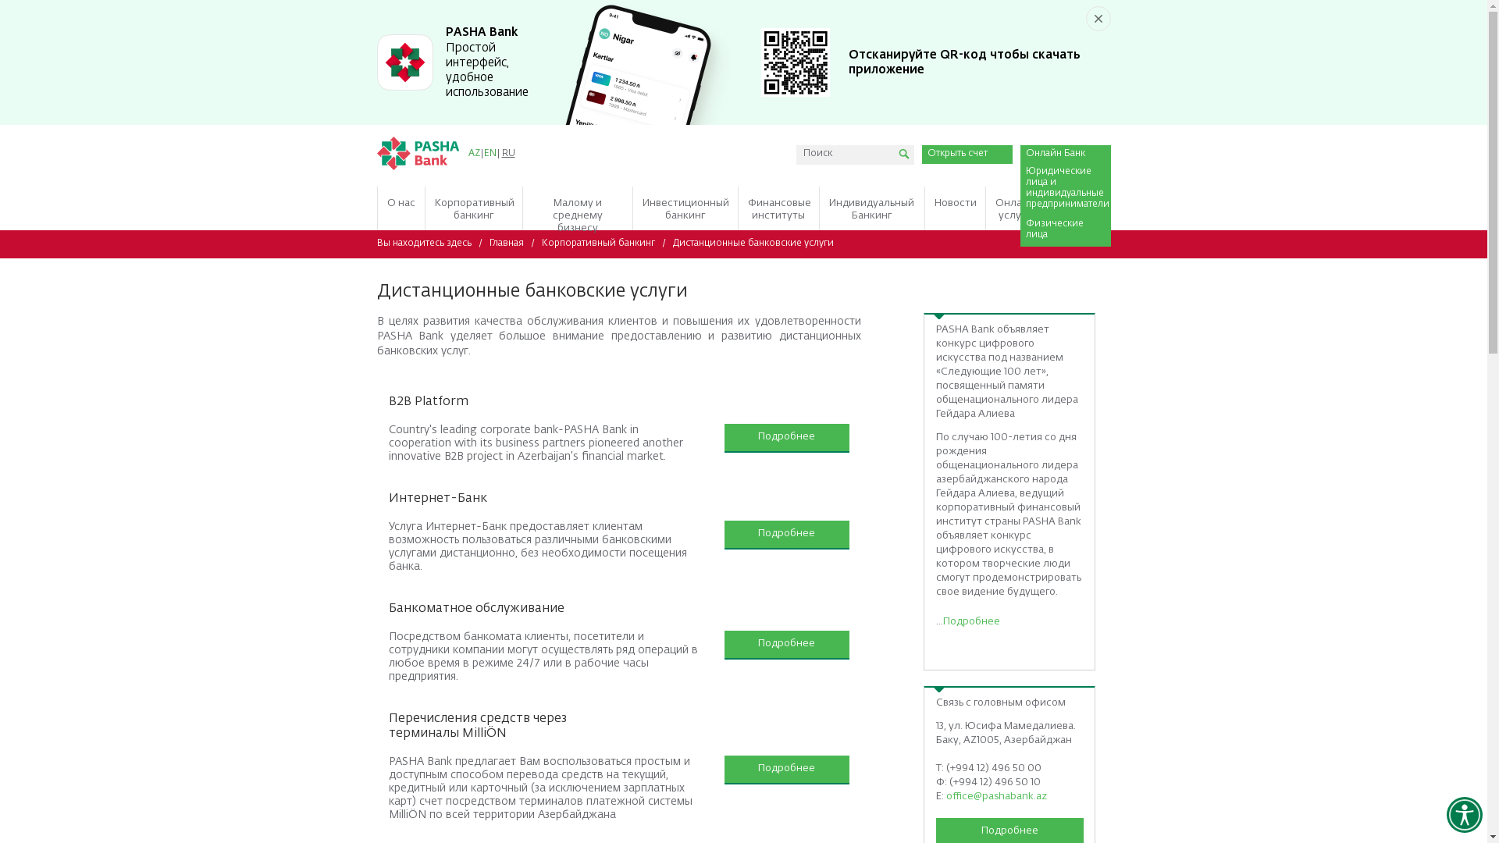 The height and width of the screenshot is (843, 1499). What do you see at coordinates (995, 796) in the screenshot?
I see `'office@pashabank.az'` at bounding box center [995, 796].